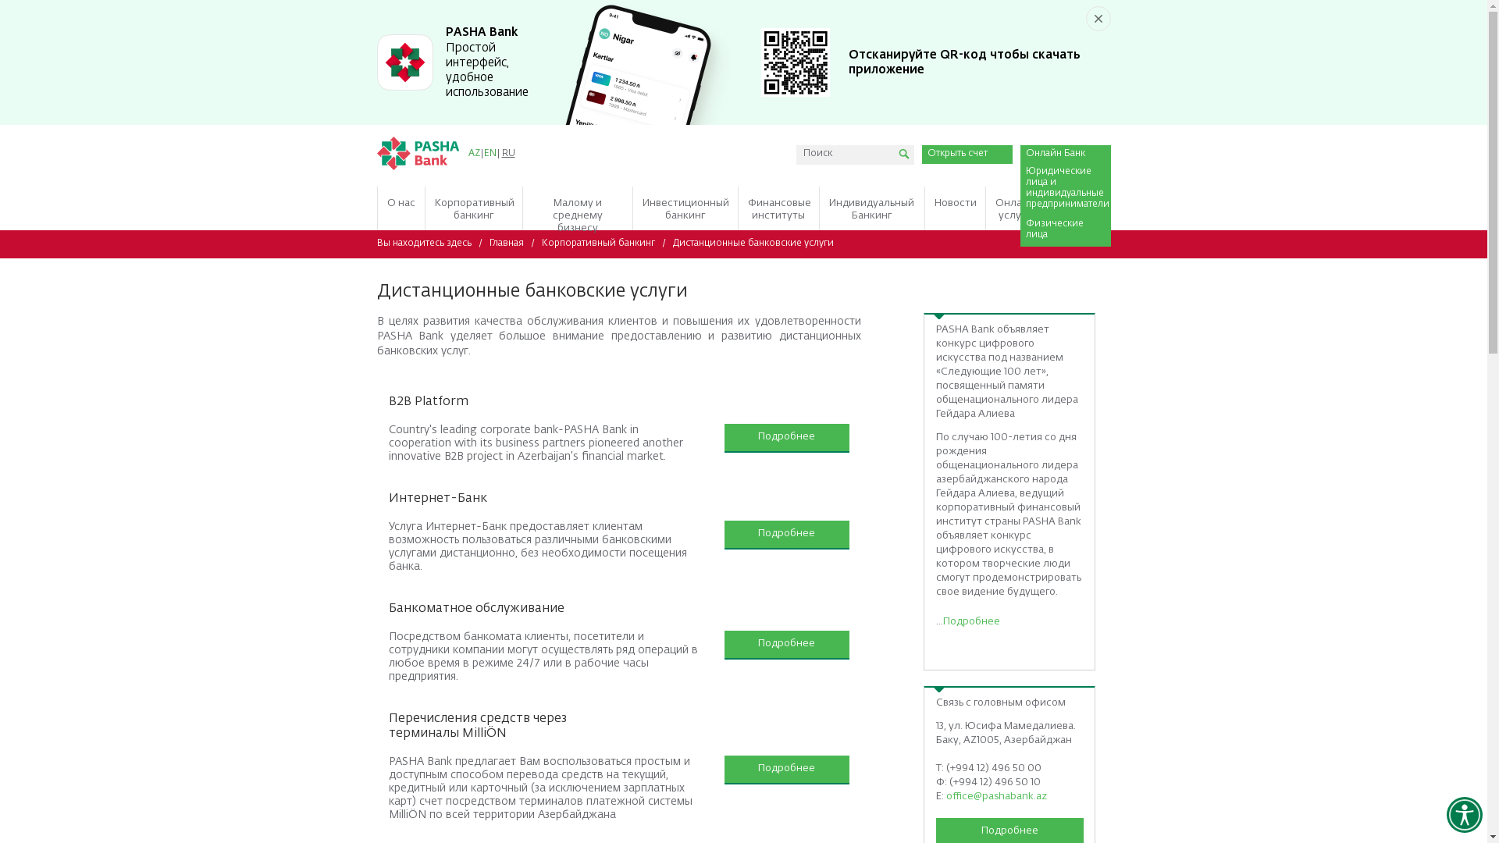 The height and width of the screenshot is (843, 1499). What do you see at coordinates (995, 796) in the screenshot?
I see `'office@pashabank.az'` at bounding box center [995, 796].